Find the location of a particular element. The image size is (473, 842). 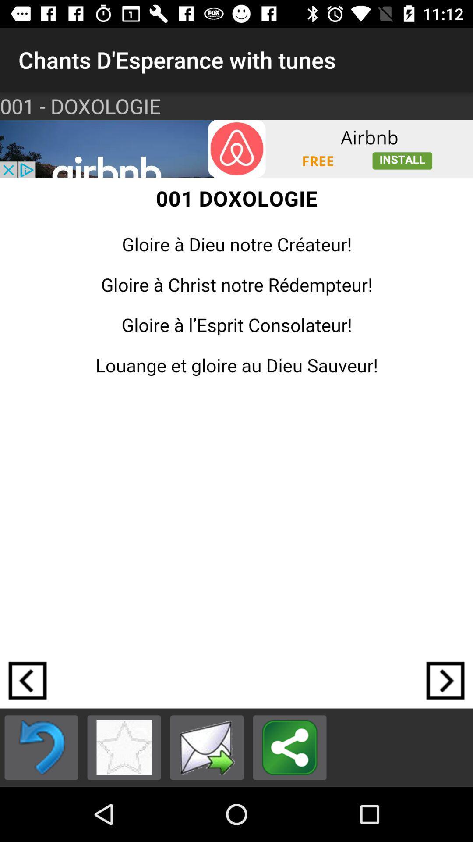

send mail is located at coordinates (207, 747).